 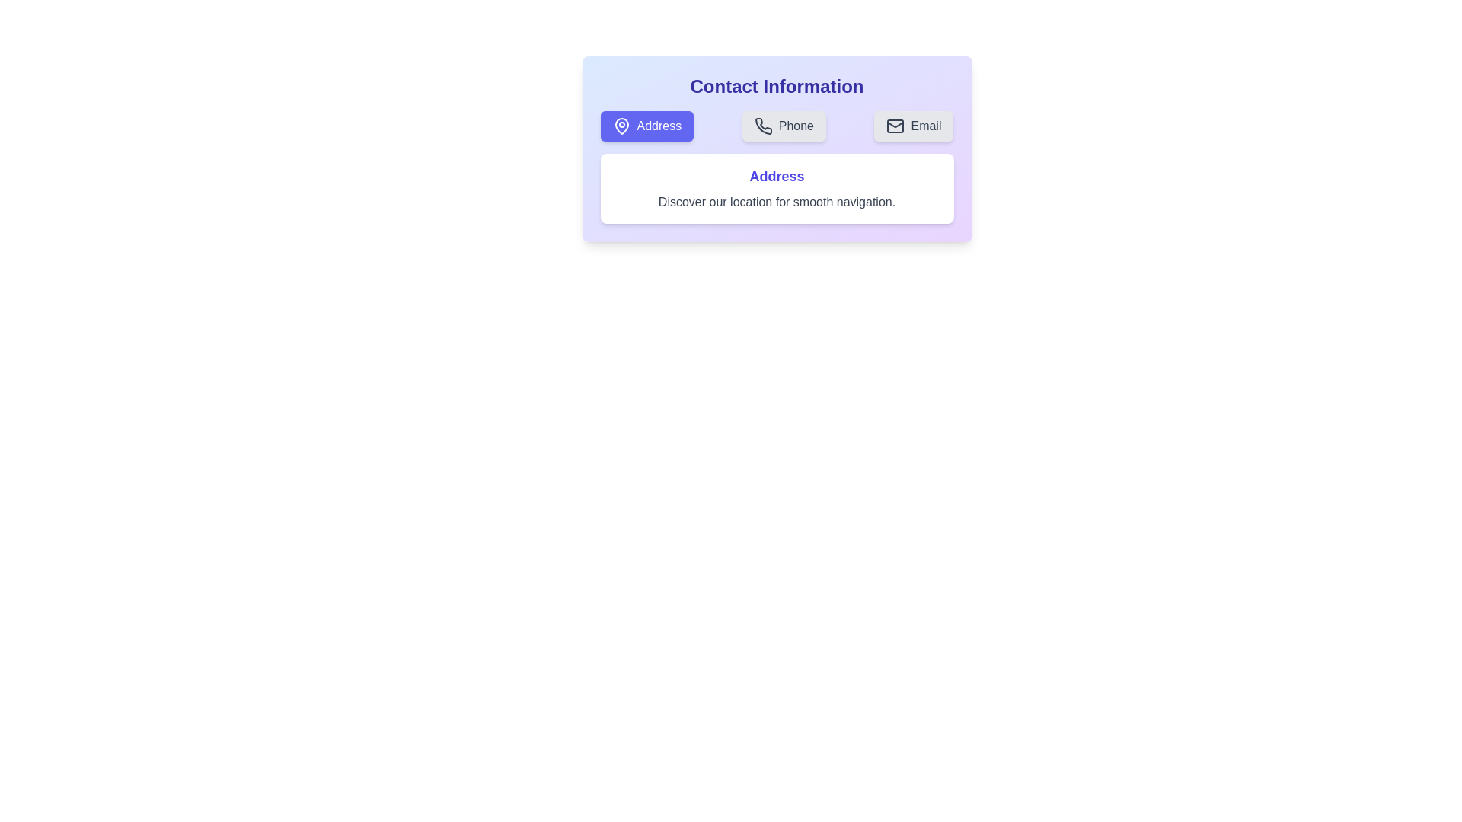 What do you see at coordinates (914, 125) in the screenshot?
I see `the Email tab button to switch to the corresponding tab` at bounding box center [914, 125].